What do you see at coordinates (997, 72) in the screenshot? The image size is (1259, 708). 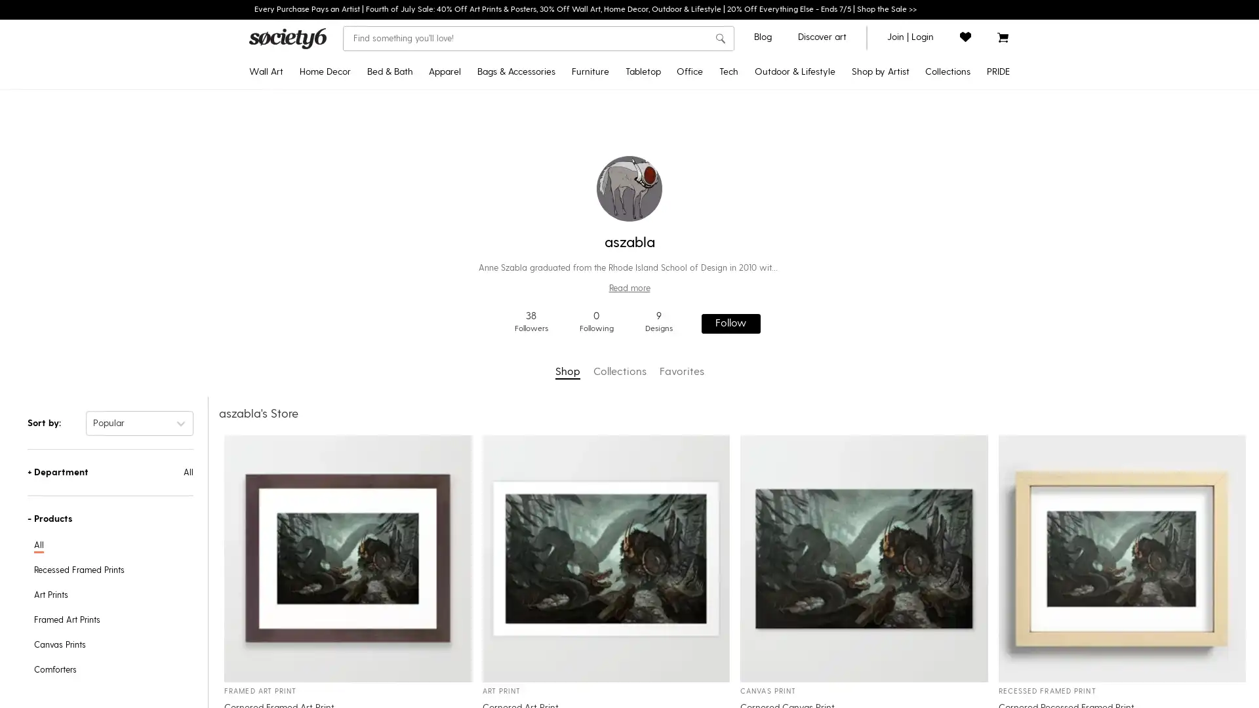 I see `PRIDE` at bounding box center [997, 72].